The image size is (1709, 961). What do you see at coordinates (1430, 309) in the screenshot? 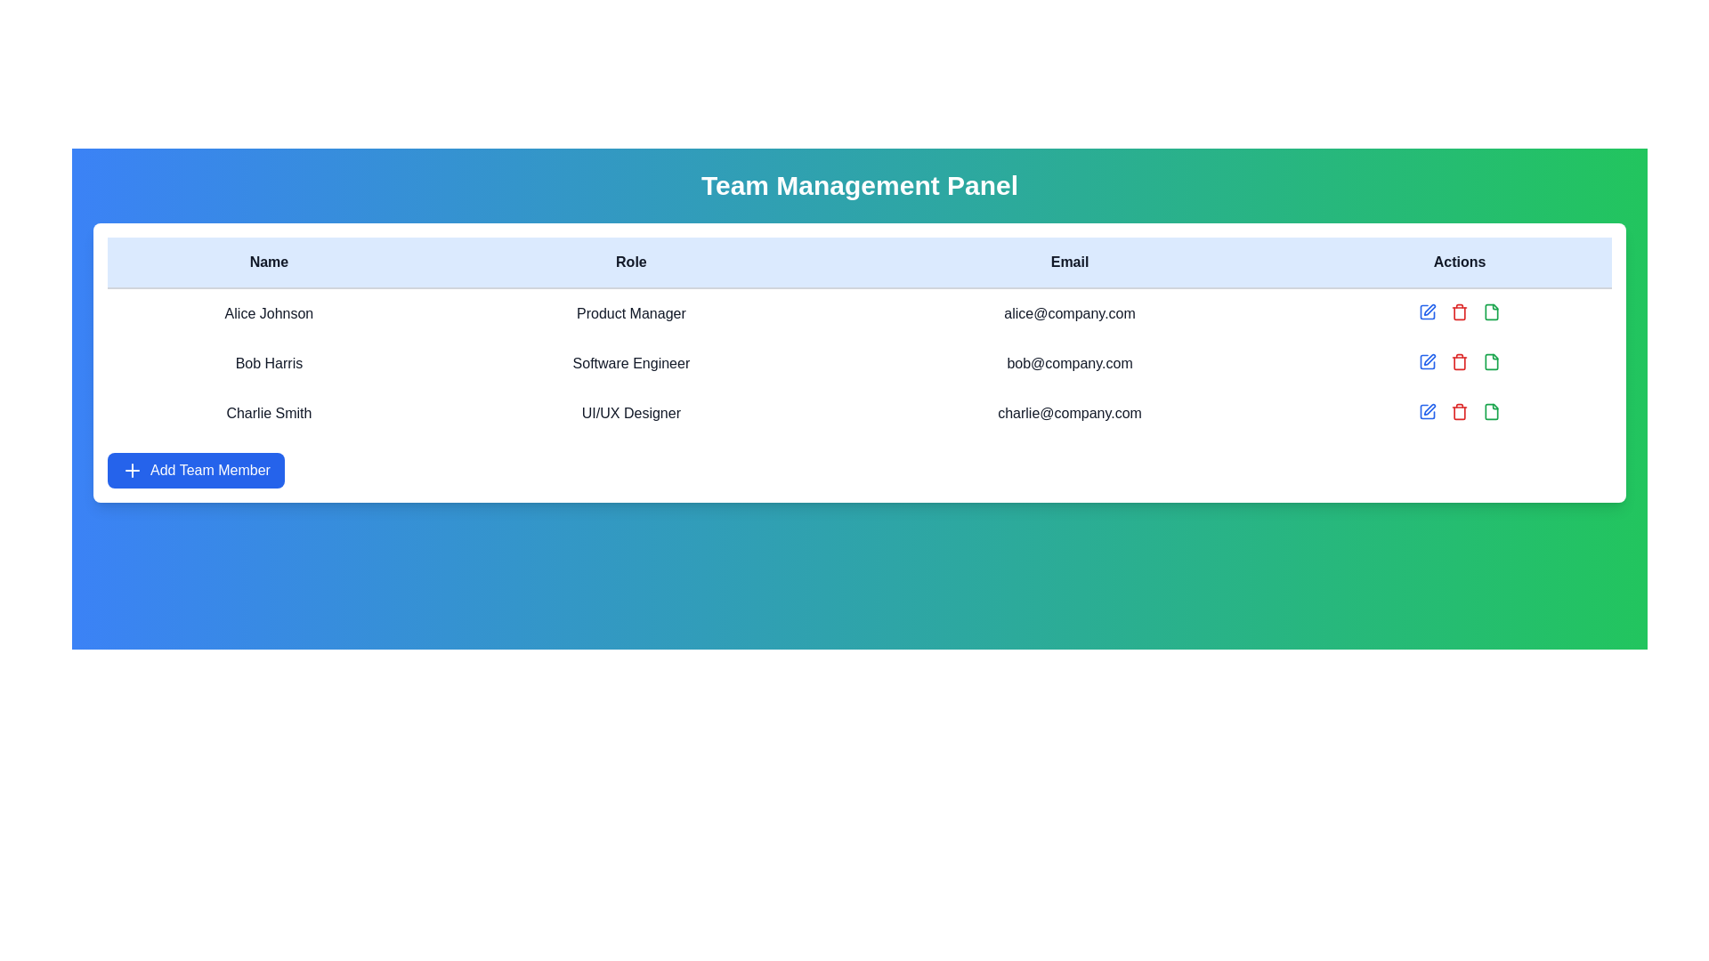
I see `the pen icon in the second row of the 'Actions' column of the table, which represents an action button for editing, located immediately to the right of the email information for user 'Bob Harris'` at bounding box center [1430, 309].